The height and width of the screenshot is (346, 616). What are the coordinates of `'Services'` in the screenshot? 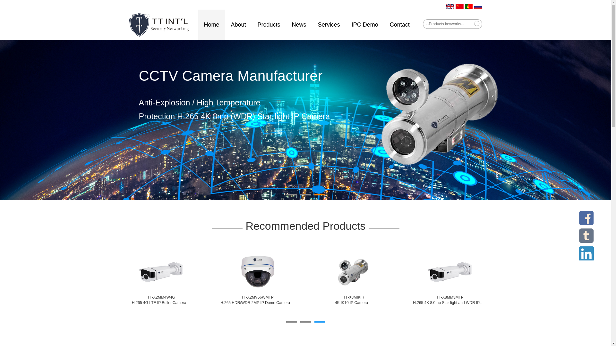 It's located at (329, 24).